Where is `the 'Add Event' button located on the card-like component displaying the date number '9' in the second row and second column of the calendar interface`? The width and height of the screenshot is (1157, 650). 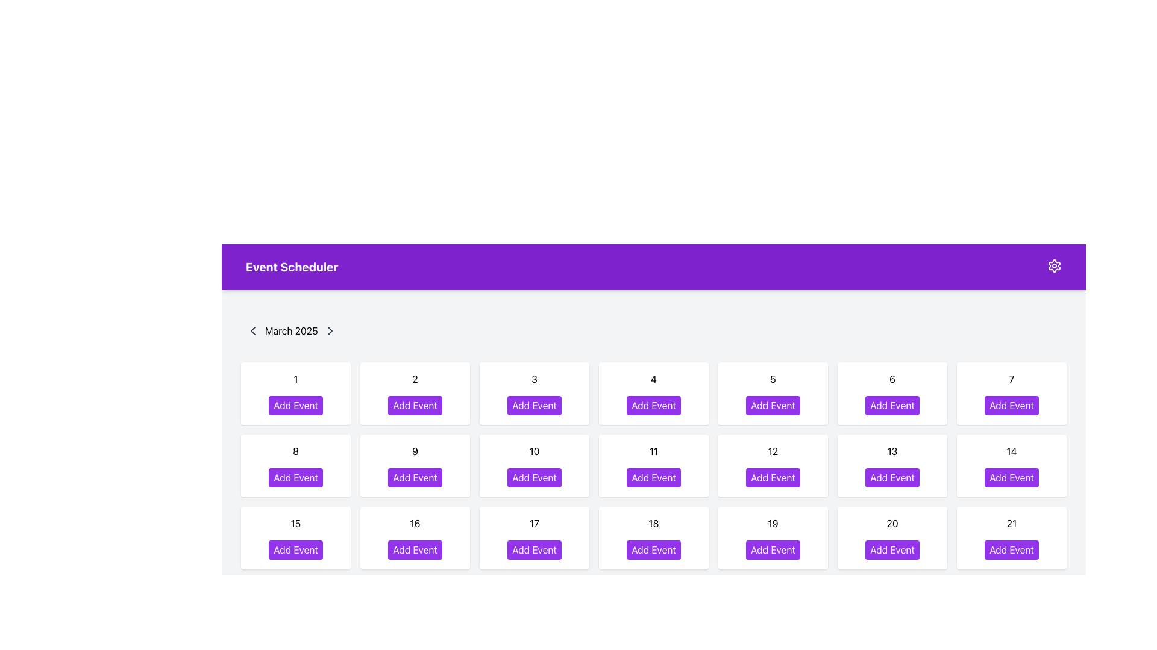 the 'Add Event' button located on the card-like component displaying the date number '9' in the second row and second column of the calendar interface is located at coordinates (415, 465).